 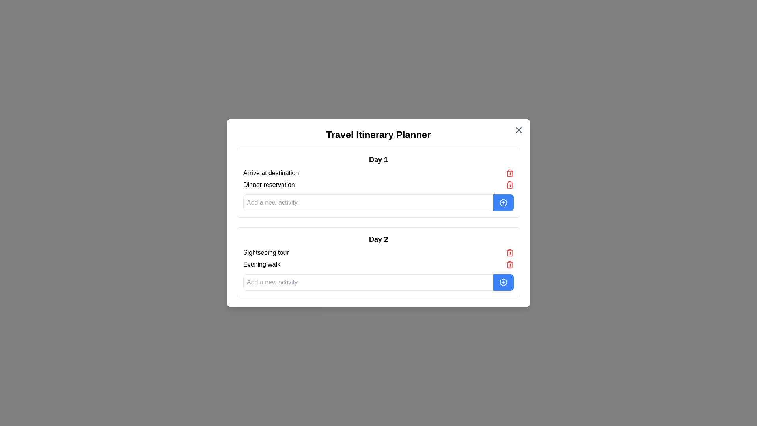 What do you see at coordinates (509, 253) in the screenshot?
I see `the Trash/Delete icon located on the far right of the 'Day 1' section` at bounding box center [509, 253].